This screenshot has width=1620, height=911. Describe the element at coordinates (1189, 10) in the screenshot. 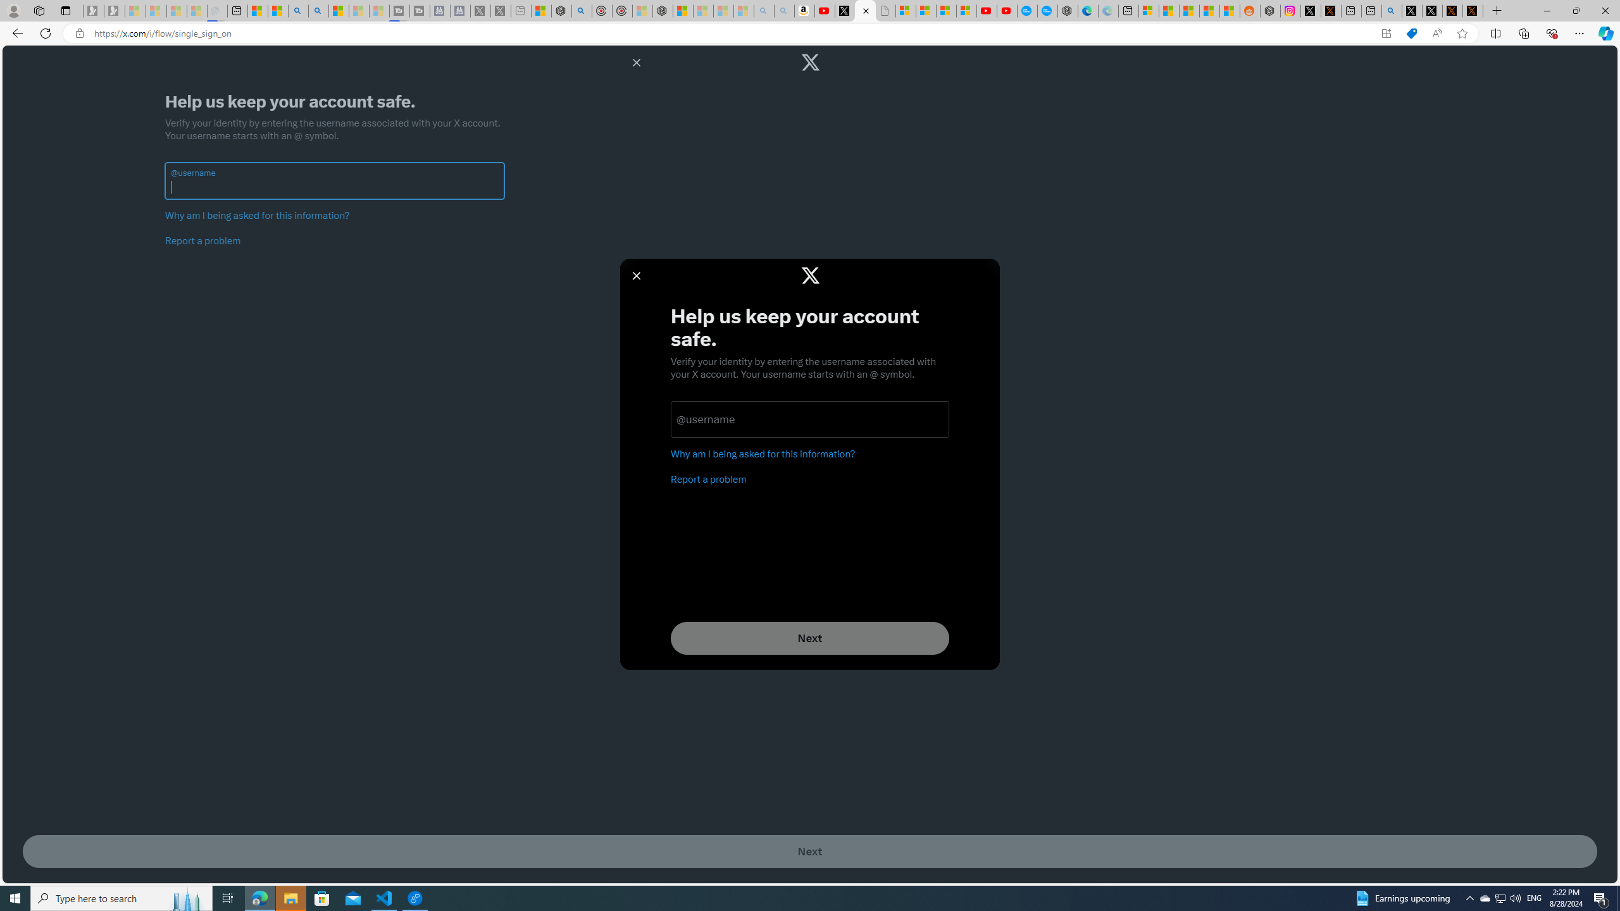

I see `'Shanghai, China hourly forecast | Microsoft Weather'` at that location.